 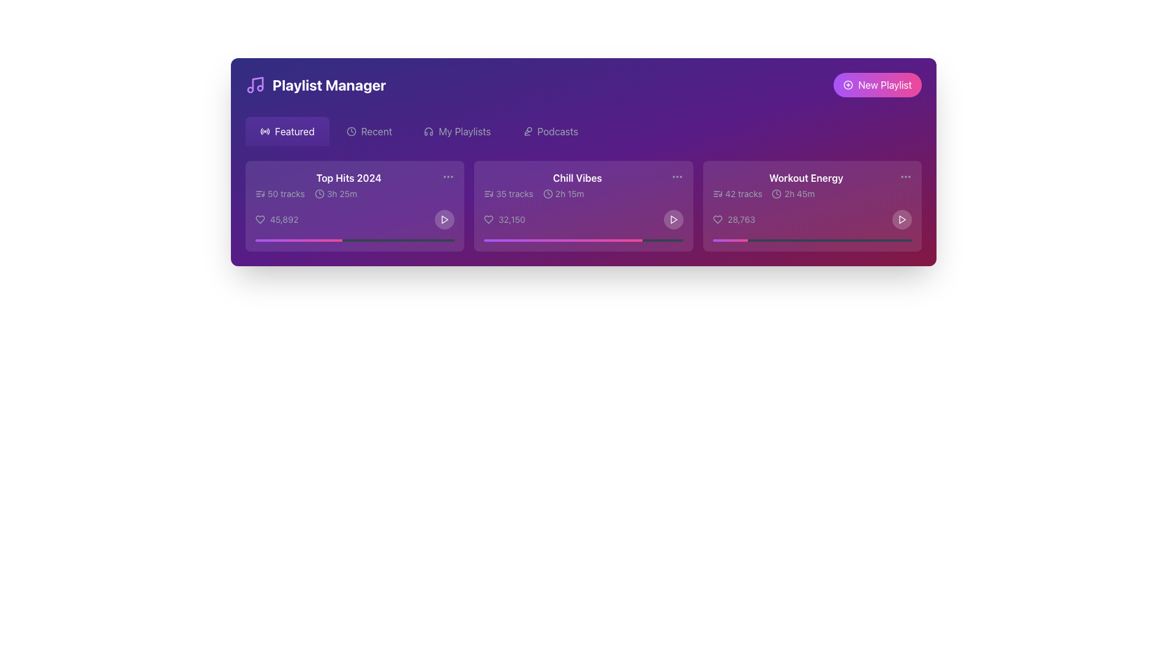 I want to click on the play button icon within the SVG graphic located in the lower right corner of the 'Chill Vibes' card to initiate playback, so click(x=673, y=218).